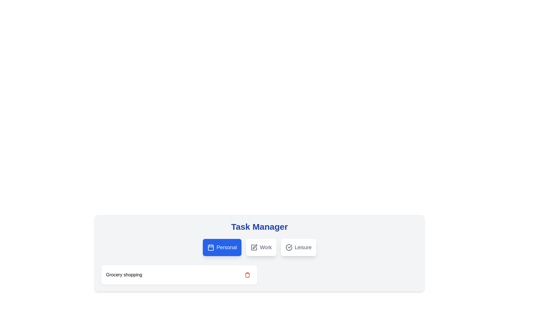 The width and height of the screenshot is (550, 309). I want to click on the 'Leisure' label located inside the rightmost button of three horizontal buttons labeled 'Personal', 'Work', and 'Leisure', so click(303, 247).